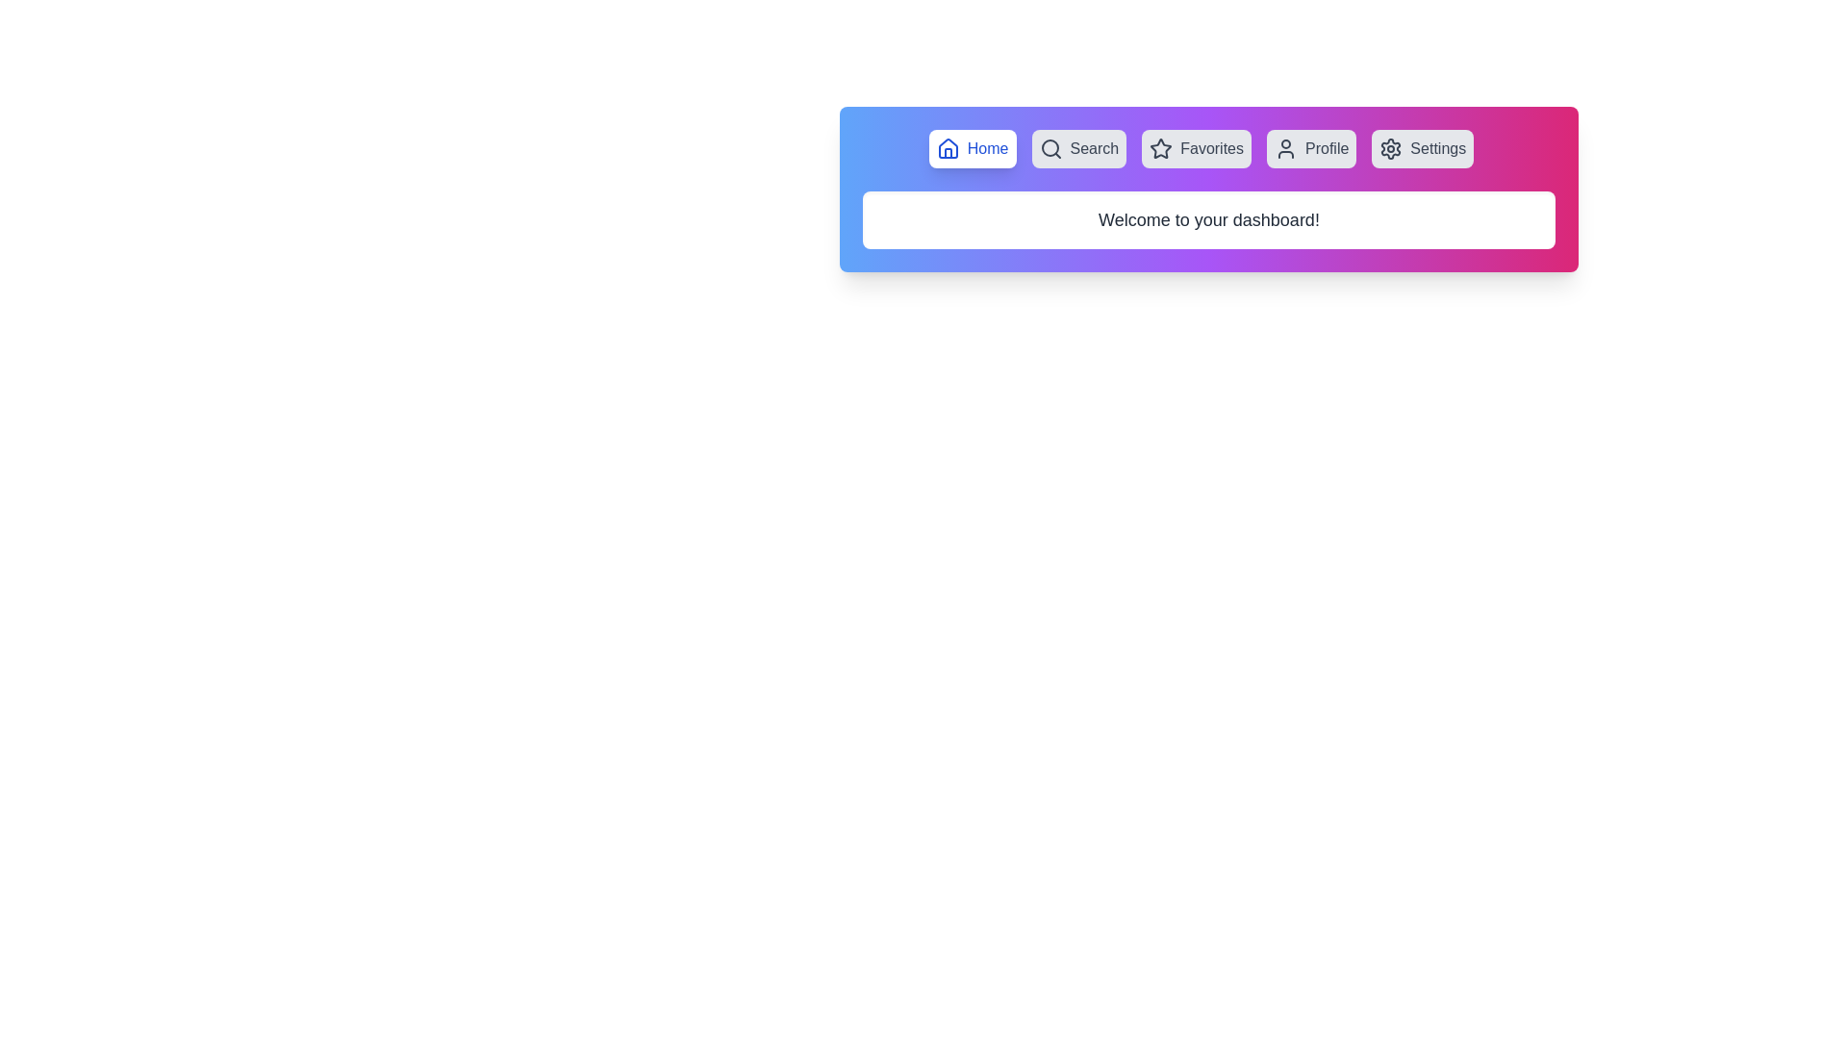 This screenshot has height=1039, width=1847. What do you see at coordinates (1422, 147) in the screenshot?
I see `the settings button located` at bounding box center [1422, 147].